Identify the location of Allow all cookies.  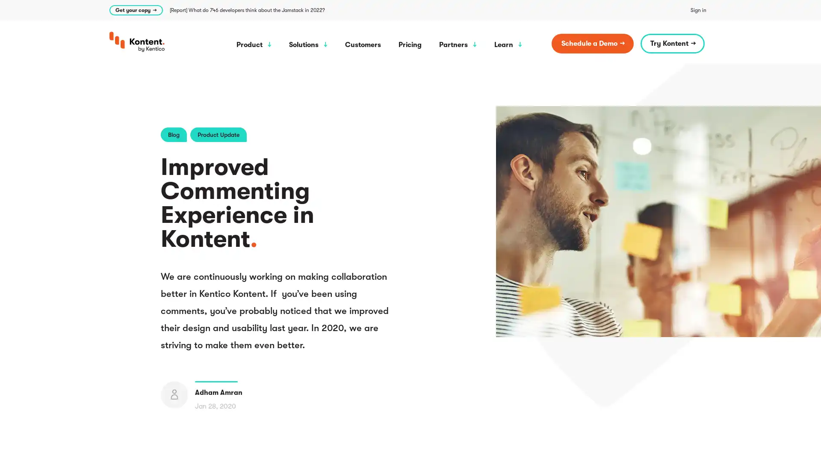
(552, 233).